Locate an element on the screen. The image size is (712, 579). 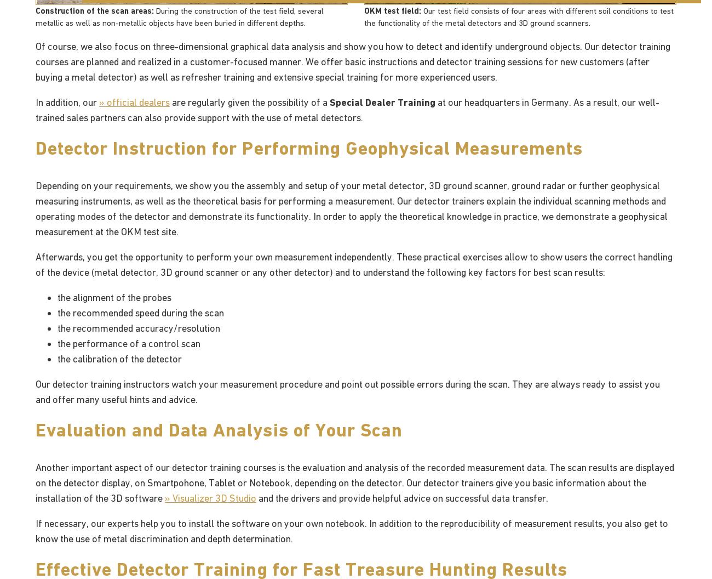
'Our test field consists of four areas with different soil conditions to test the functionality of the metal detectors and 3D ground scanners.' is located at coordinates (519, 16).